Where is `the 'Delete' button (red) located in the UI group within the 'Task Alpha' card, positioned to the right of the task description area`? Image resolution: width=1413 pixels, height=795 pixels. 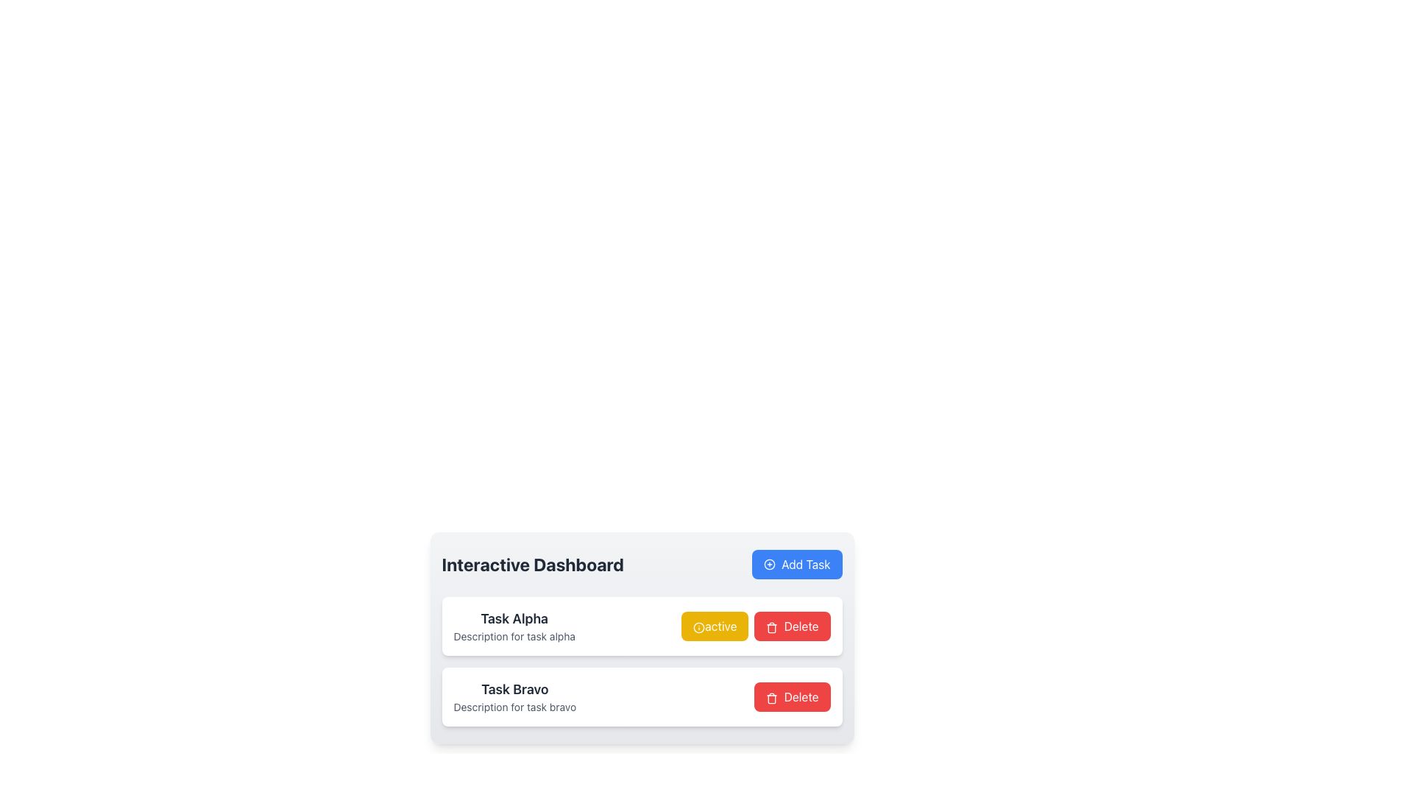 the 'Delete' button (red) located in the UI group within the 'Task Alpha' card, positioned to the right of the task description area is located at coordinates (756, 626).